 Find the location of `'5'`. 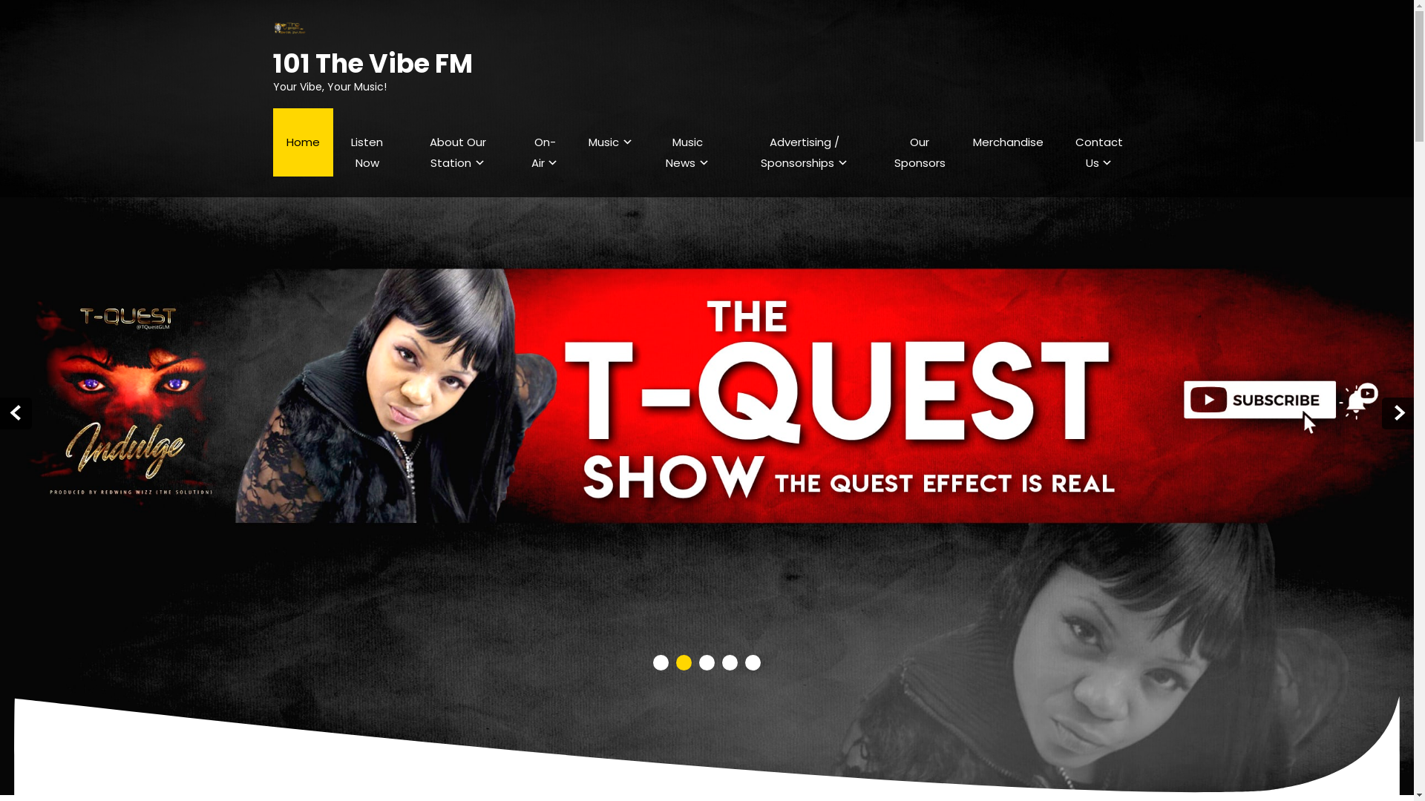

'5' is located at coordinates (753, 662).